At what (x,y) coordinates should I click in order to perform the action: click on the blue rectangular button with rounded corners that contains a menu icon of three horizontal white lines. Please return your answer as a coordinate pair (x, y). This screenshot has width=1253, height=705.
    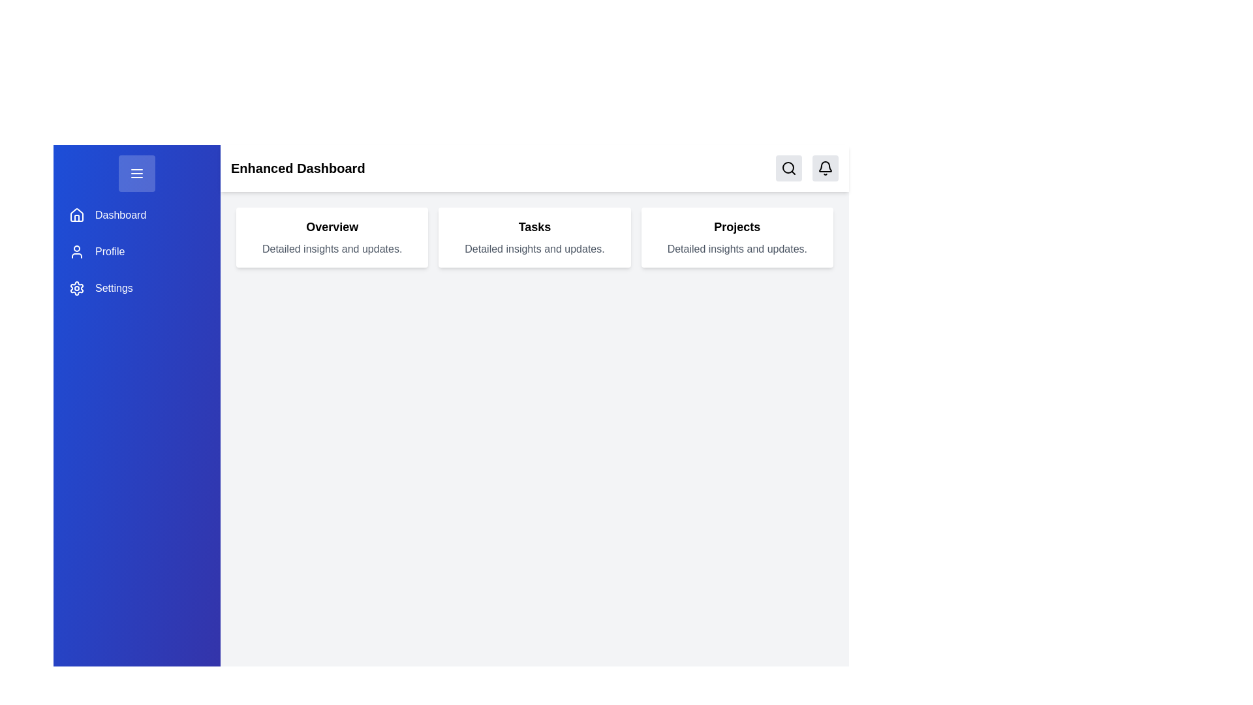
    Looking at the image, I should click on (137, 173).